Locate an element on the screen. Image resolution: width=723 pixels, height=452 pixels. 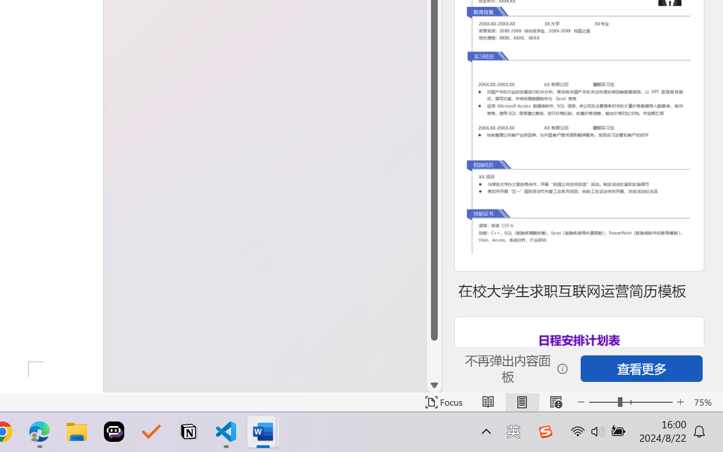
'Print Layout' is located at coordinates (521, 402).